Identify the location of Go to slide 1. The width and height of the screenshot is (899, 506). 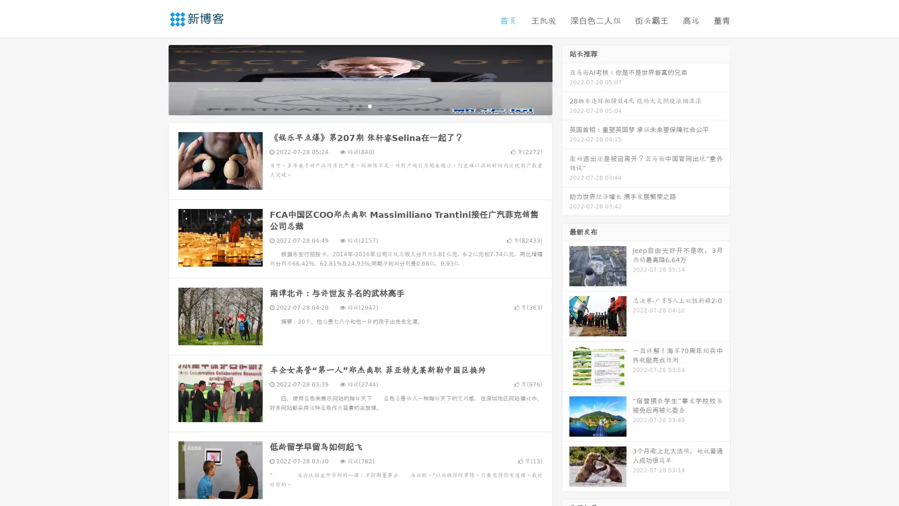
(350, 105).